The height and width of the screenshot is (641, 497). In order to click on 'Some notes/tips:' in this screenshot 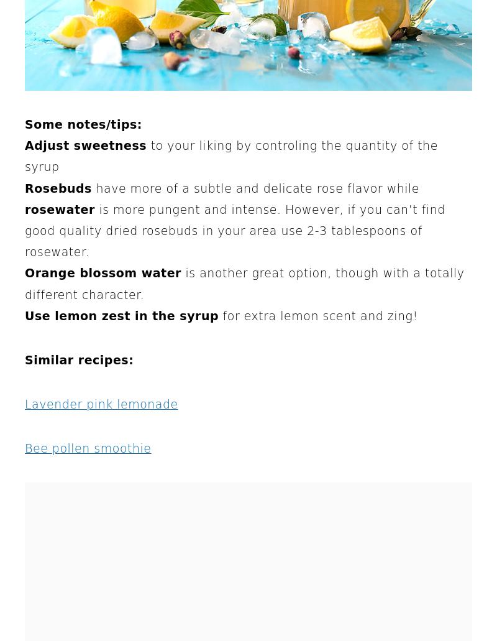, I will do `click(83, 124)`.